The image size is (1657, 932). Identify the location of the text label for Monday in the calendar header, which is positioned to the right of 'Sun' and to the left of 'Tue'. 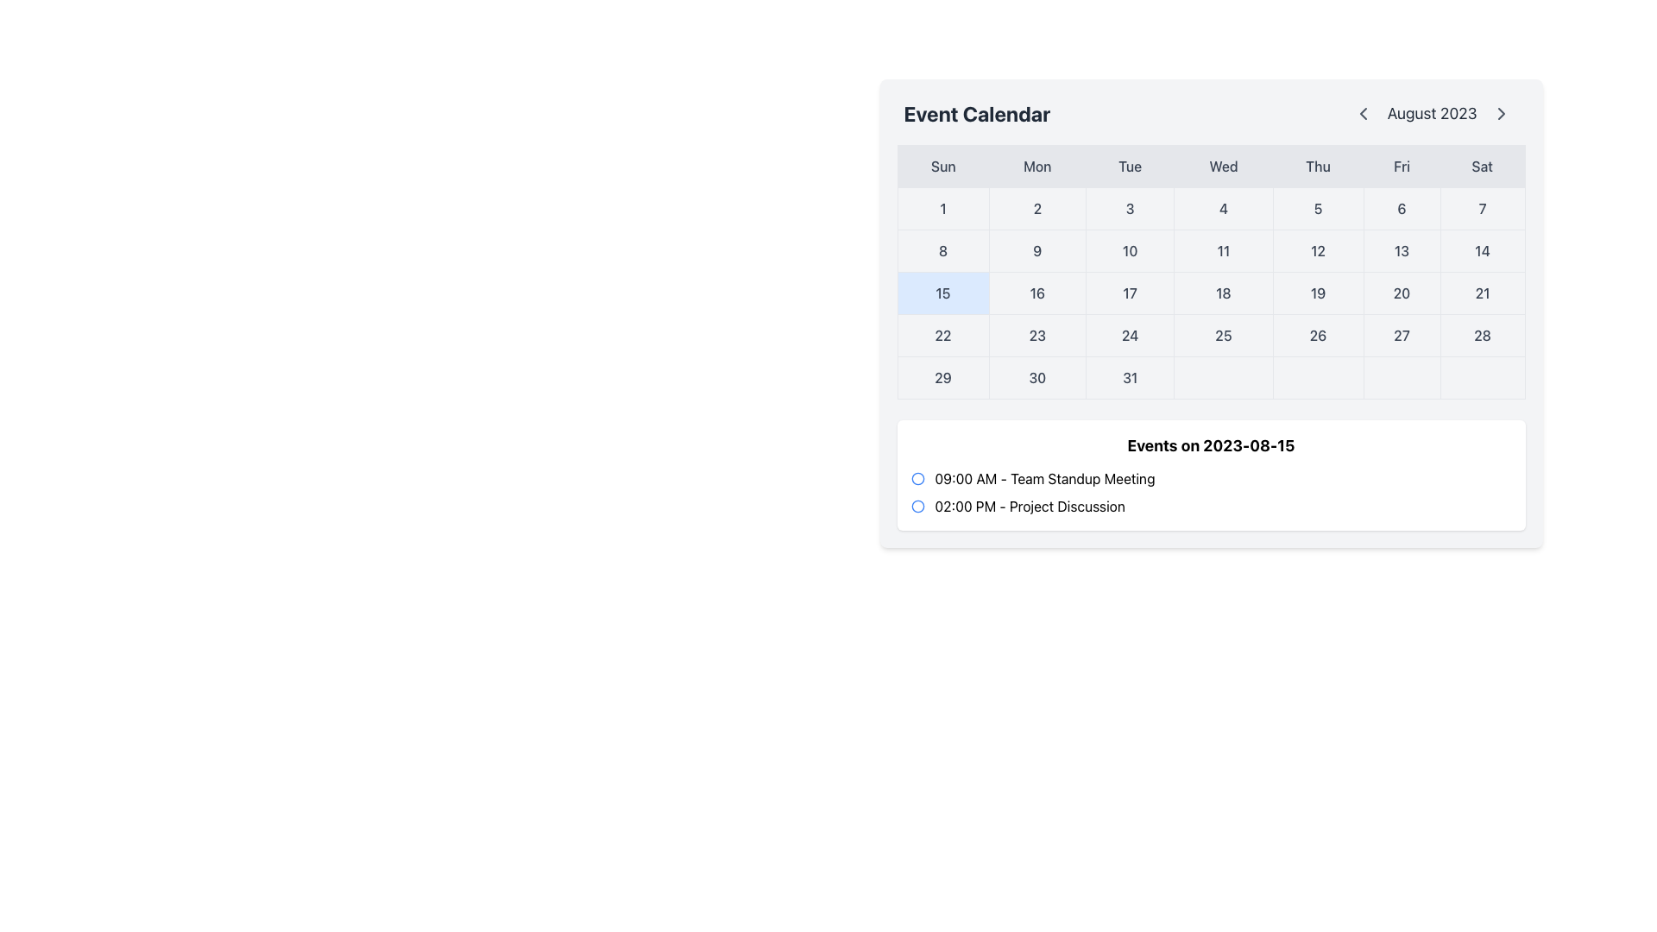
(1036, 166).